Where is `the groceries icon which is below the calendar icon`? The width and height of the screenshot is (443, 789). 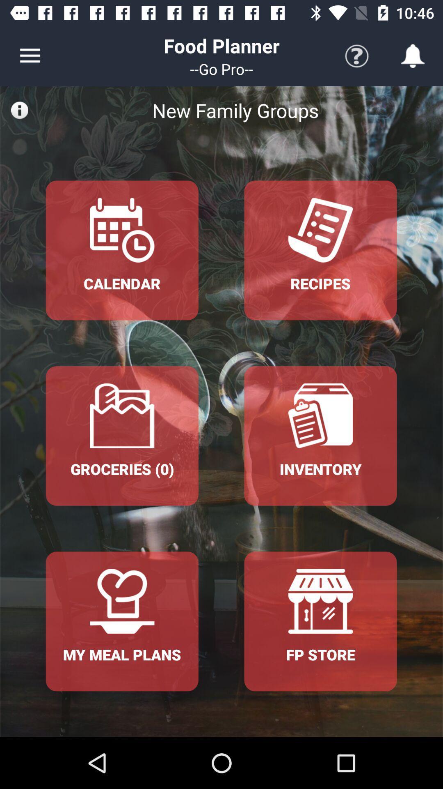
the groceries icon which is below the calendar icon is located at coordinates (122, 435).